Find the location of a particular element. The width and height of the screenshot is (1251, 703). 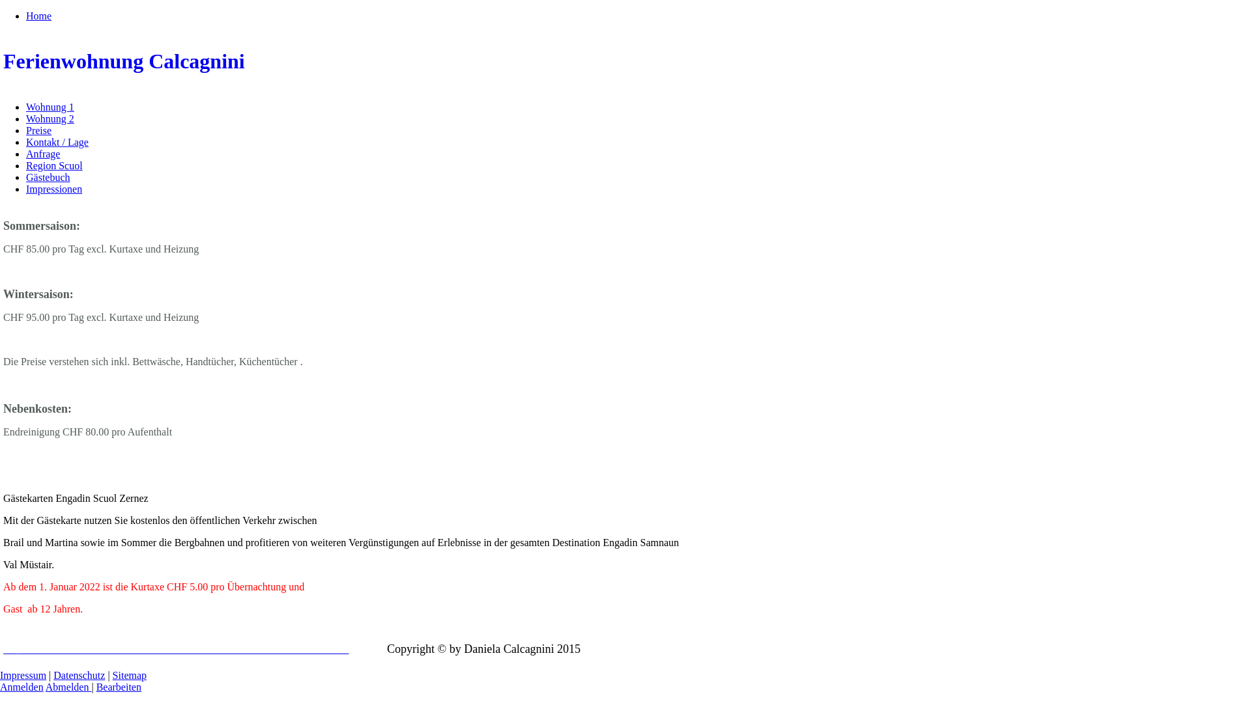

'Datenschutz' is located at coordinates (78, 674).